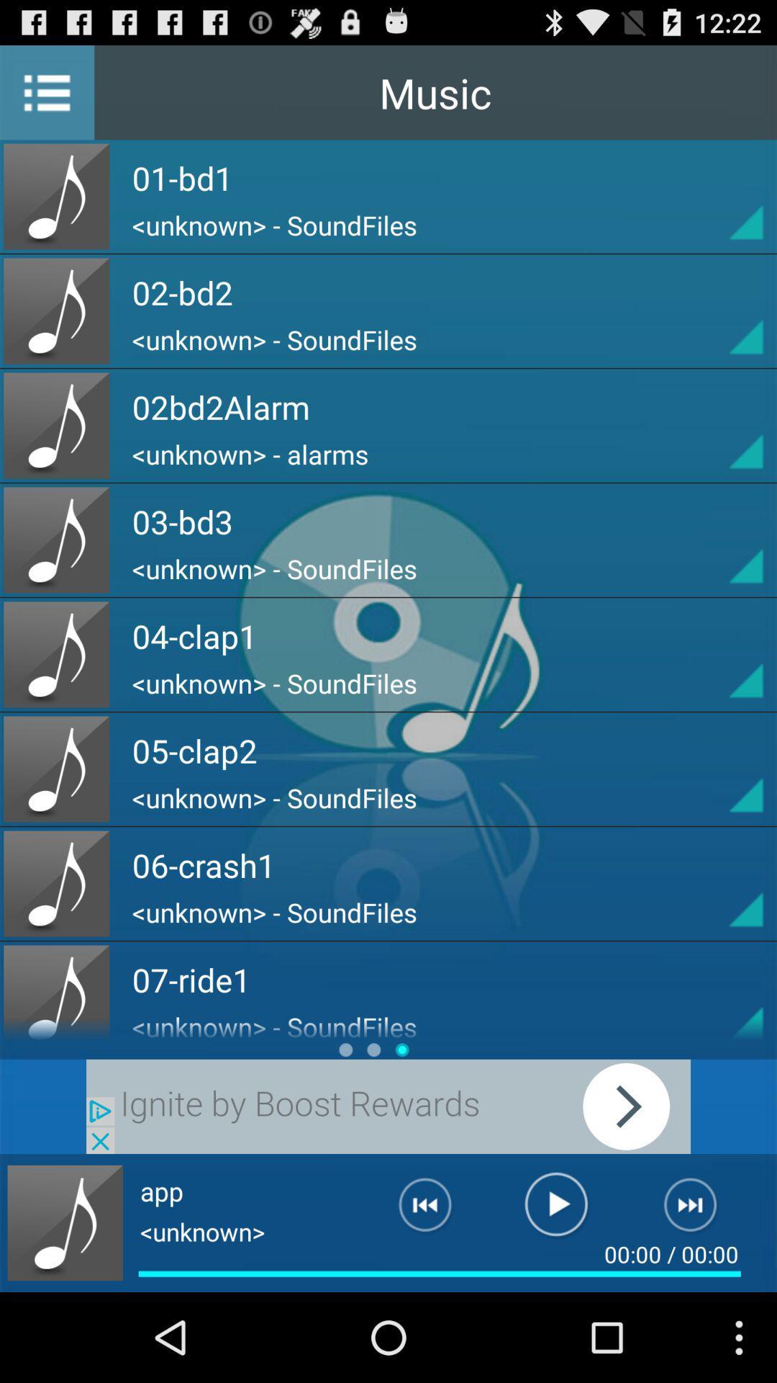  I want to click on music, so click(555, 1210).